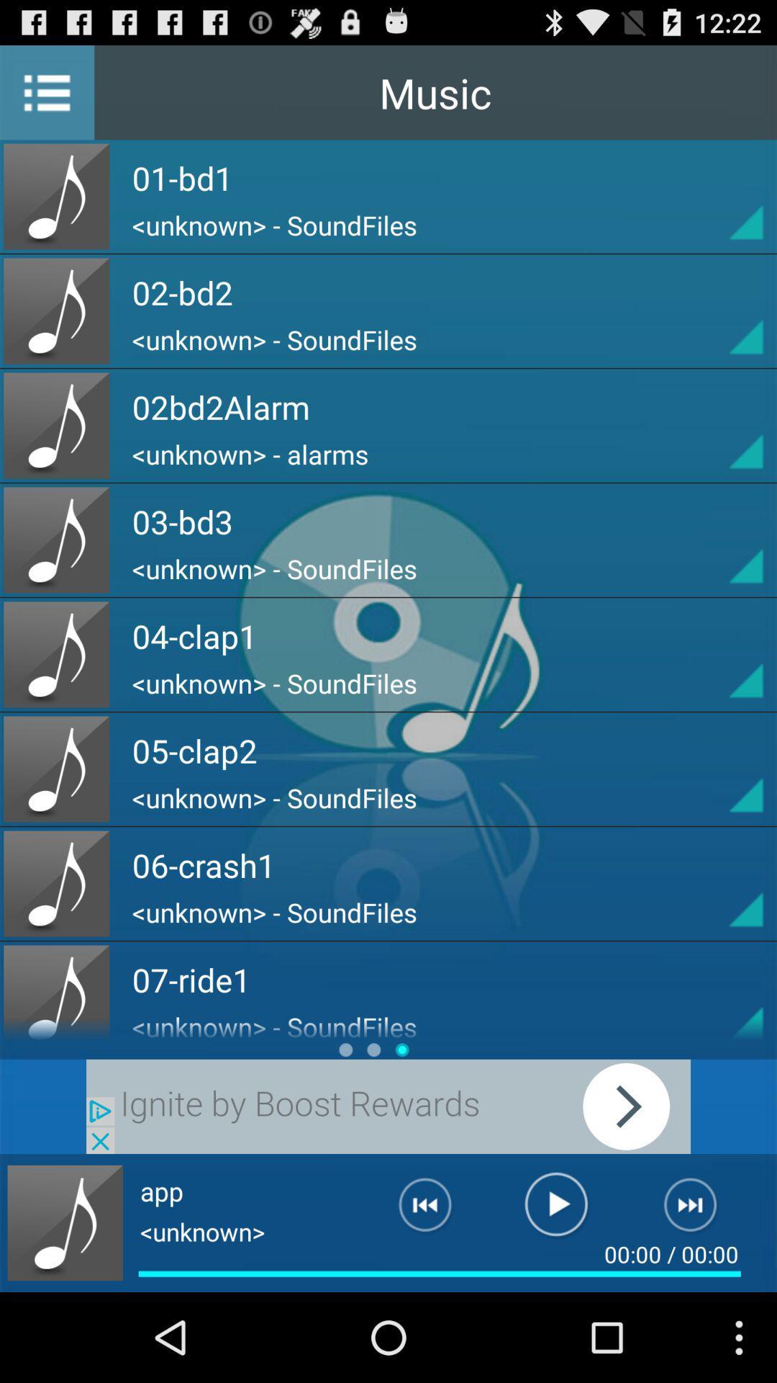  I want to click on music, so click(555, 1210).